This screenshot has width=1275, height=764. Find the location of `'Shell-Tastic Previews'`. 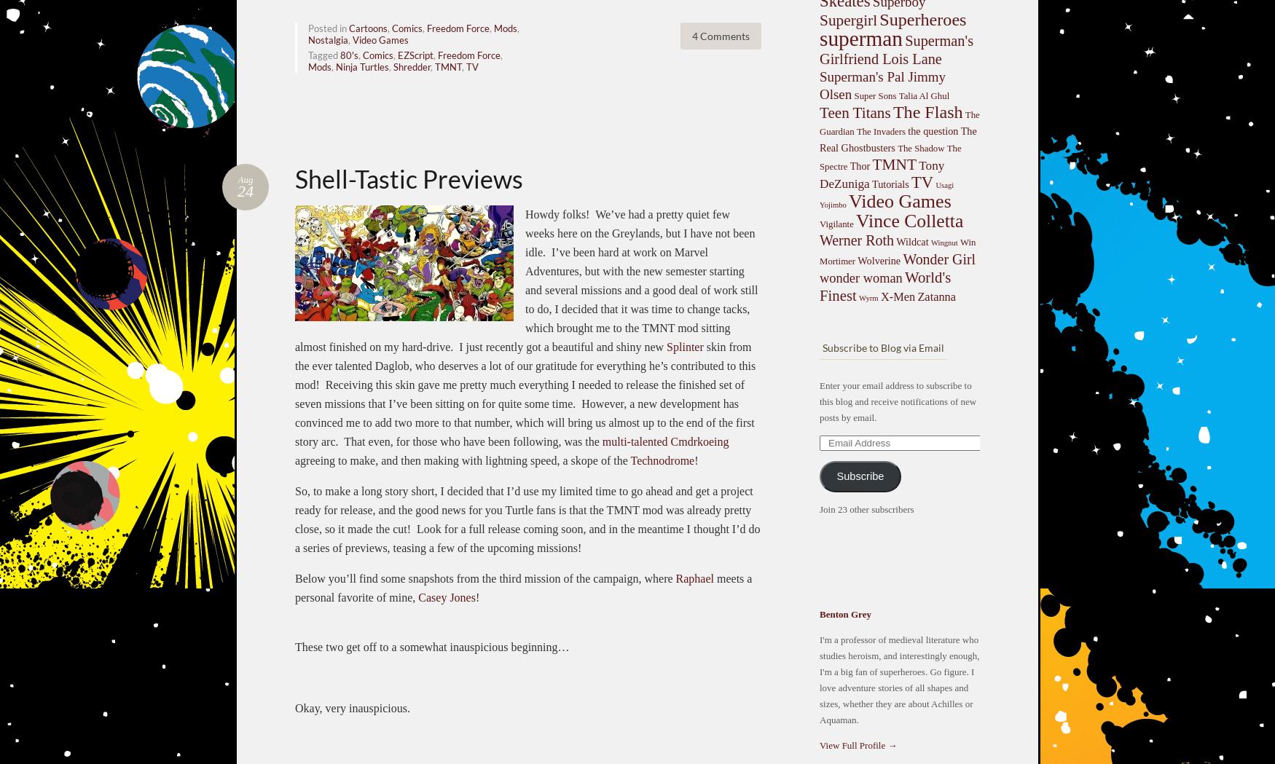

'Shell-Tastic Previews' is located at coordinates (408, 177).